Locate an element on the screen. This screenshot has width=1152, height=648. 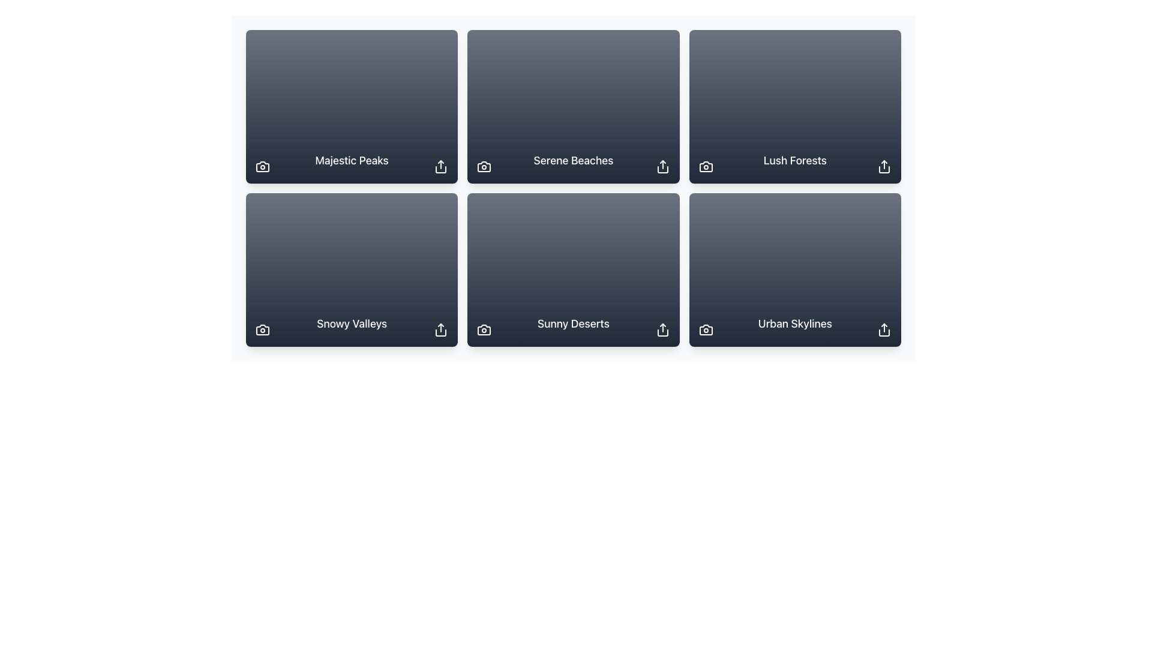
the camera icon (SVG graphic) located is located at coordinates (706, 166).